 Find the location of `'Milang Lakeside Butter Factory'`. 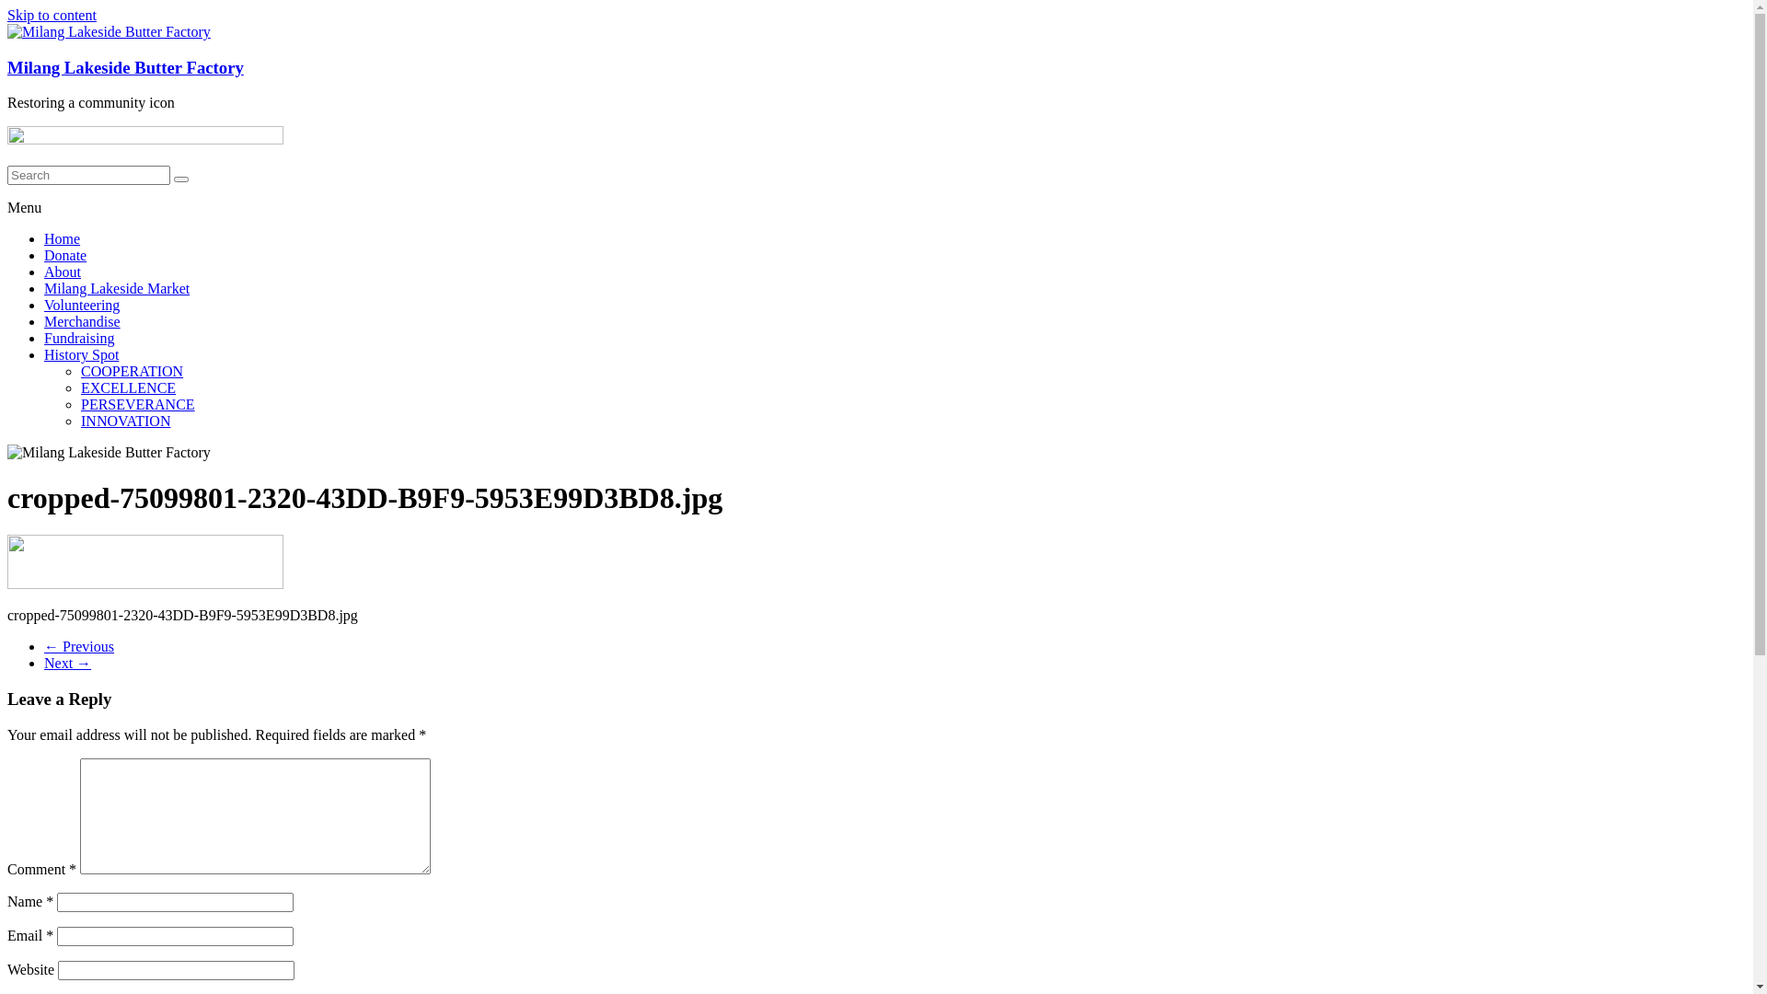

'Milang Lakeside Butter Factory' is located at coordinates (124, 66).